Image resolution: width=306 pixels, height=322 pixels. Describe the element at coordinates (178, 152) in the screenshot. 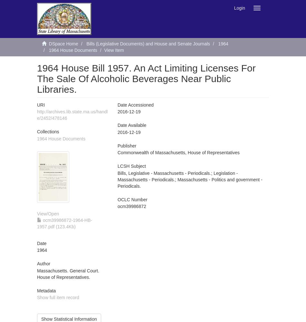

I see `'Commonwealth of Massachusetts, House of Representatives'` at that location.